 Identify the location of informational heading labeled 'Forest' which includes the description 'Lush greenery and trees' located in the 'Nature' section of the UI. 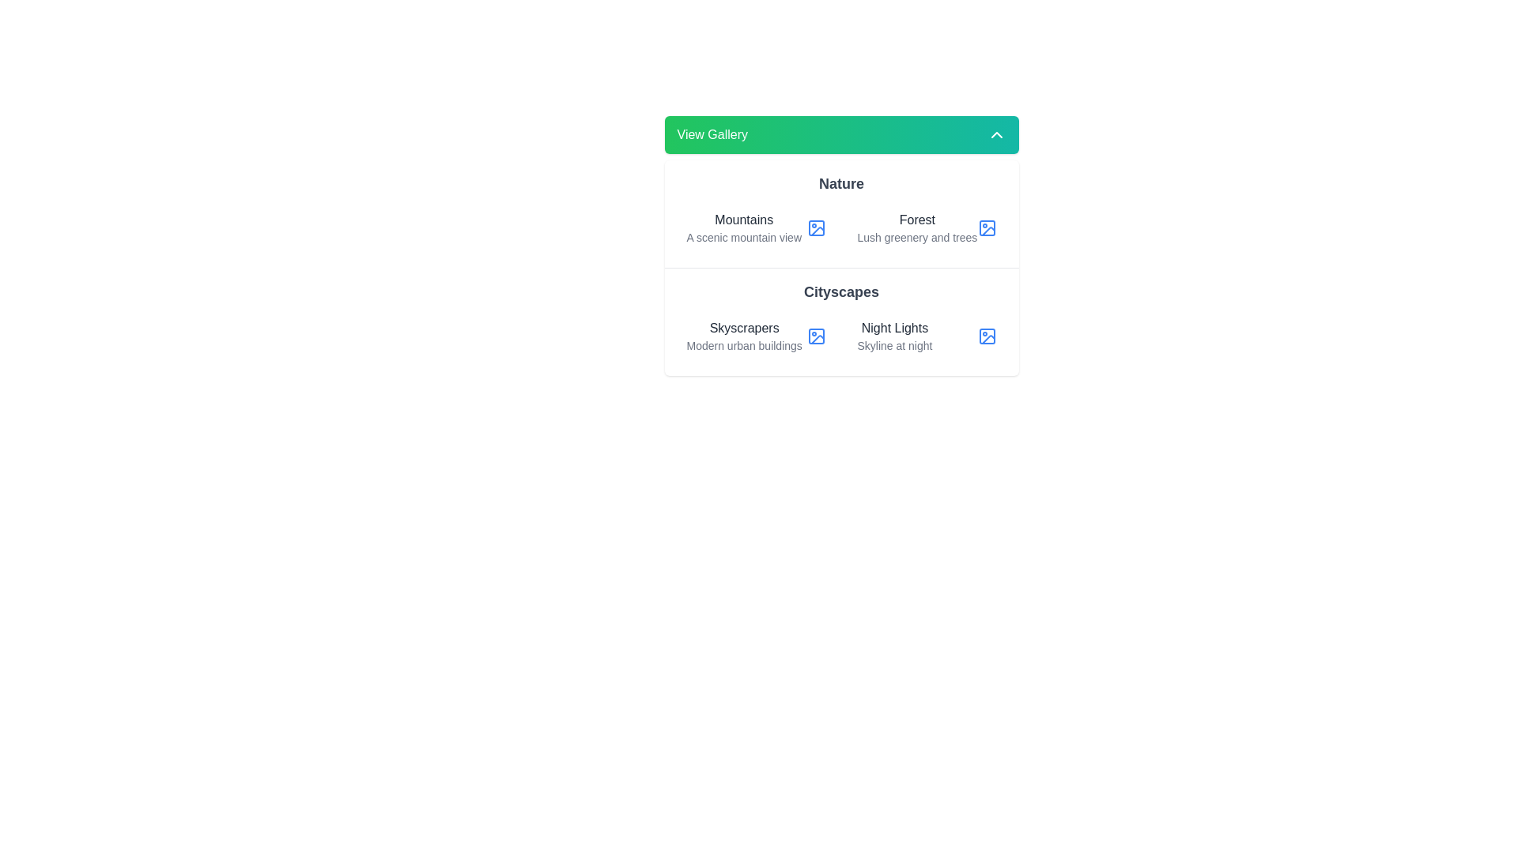
(917, 228).